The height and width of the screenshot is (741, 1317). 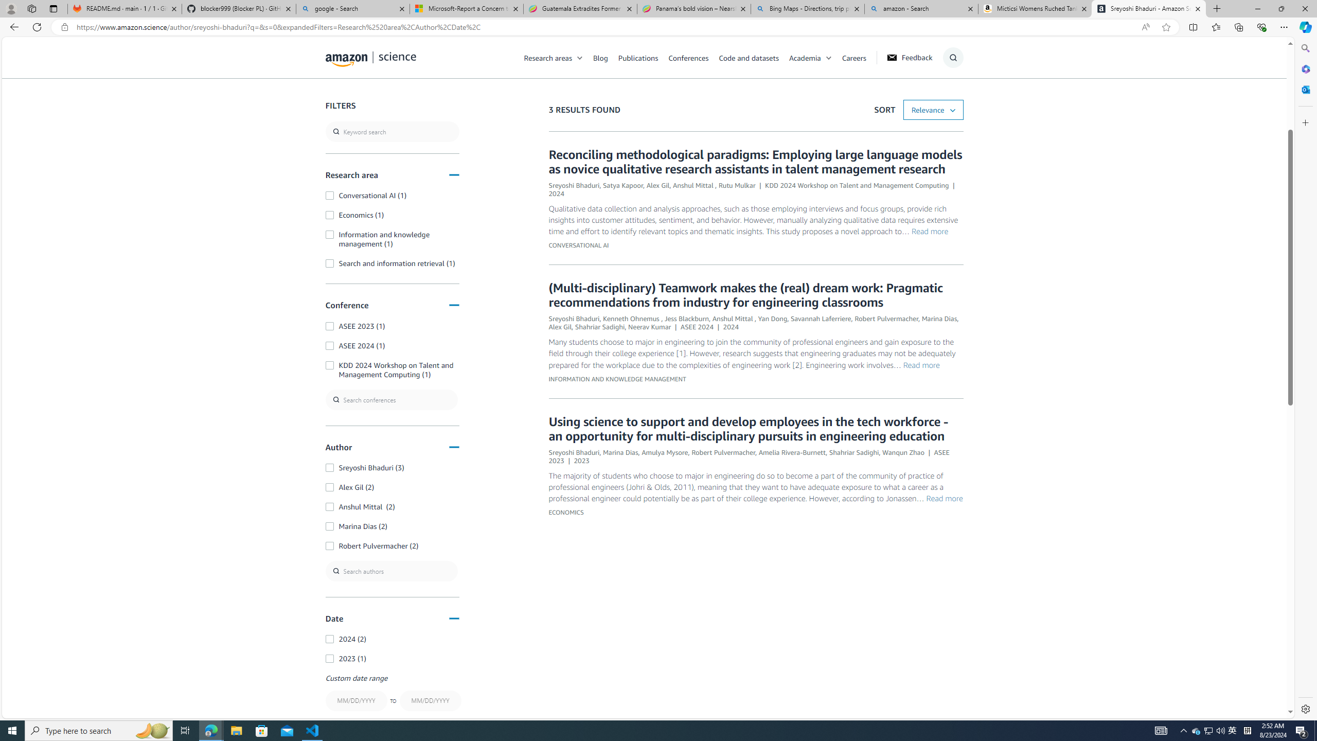 What do you see at coordinates (622, 185) in the screenshot?
I see `'Satya Kapoor'` at bounding box center [622, 185].